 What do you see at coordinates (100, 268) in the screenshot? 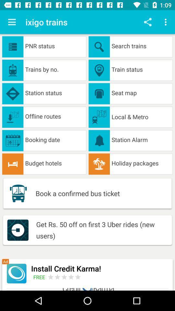
I see `icon below get rs 50 icon` at bounding box center [100, 268].